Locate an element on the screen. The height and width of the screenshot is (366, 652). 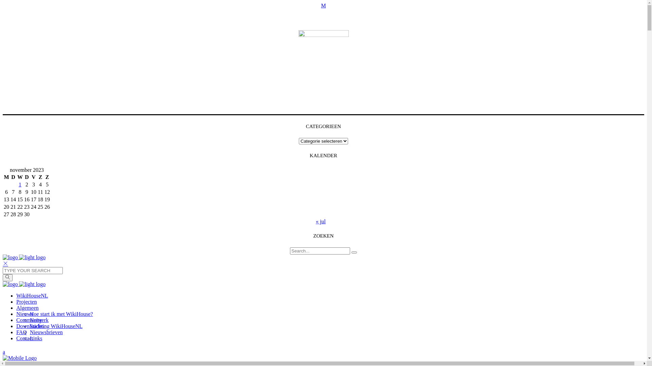
'WikiHouseNL' is located at coordinates (32, 295).